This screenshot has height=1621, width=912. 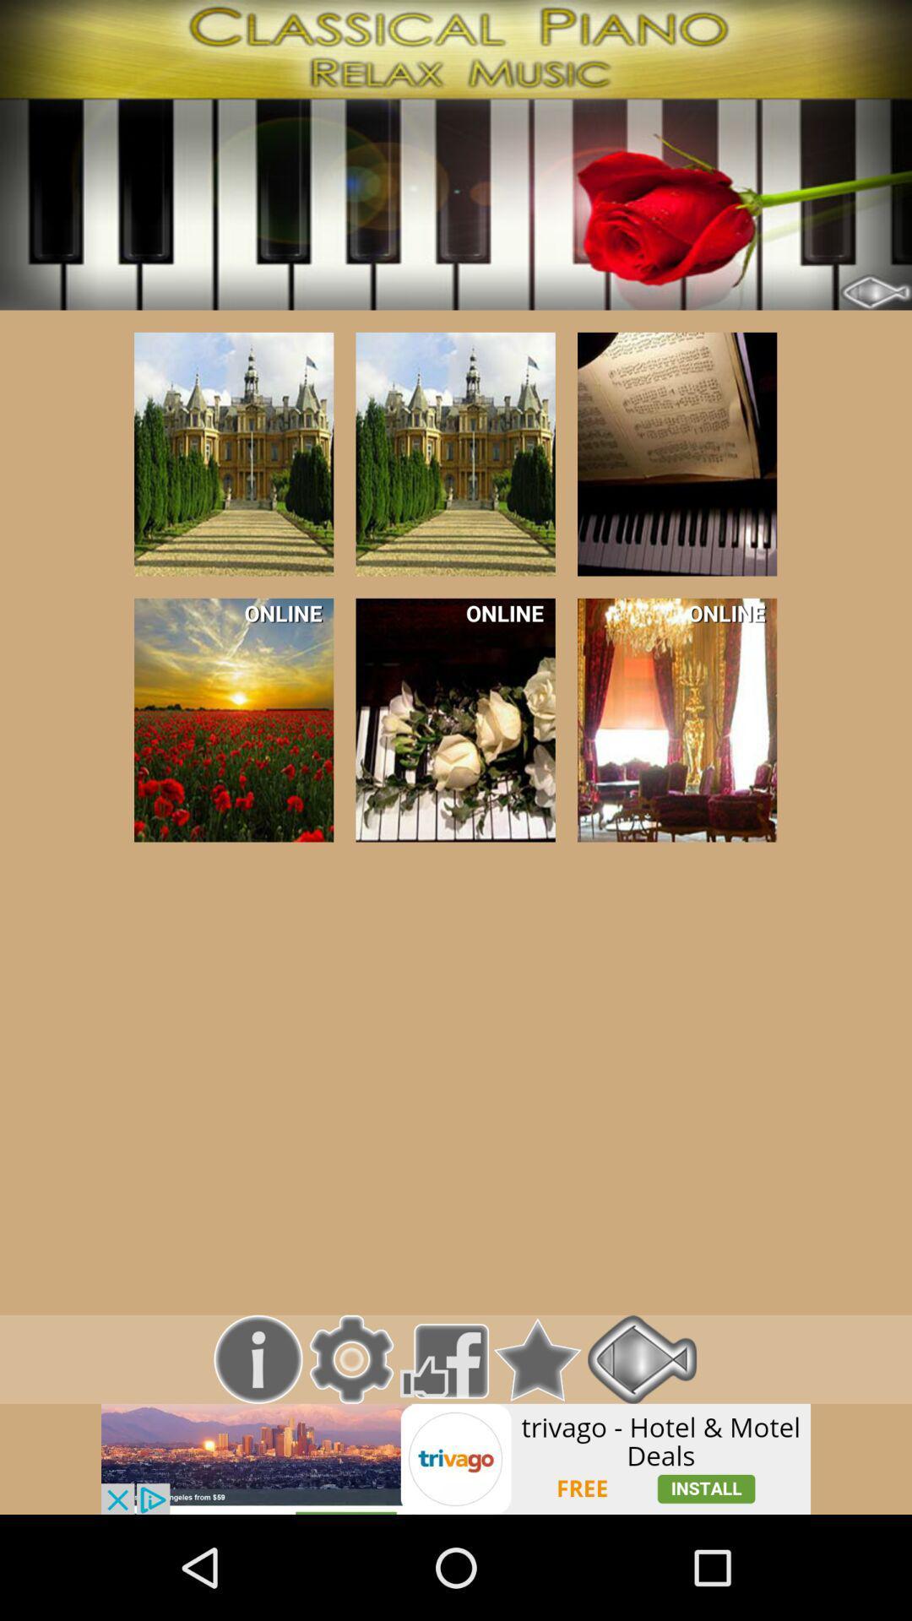 What do you see at coordinates (443, 1359) in the screenshot?
I see `like their facebook page` at bounding box center [443, 1359].